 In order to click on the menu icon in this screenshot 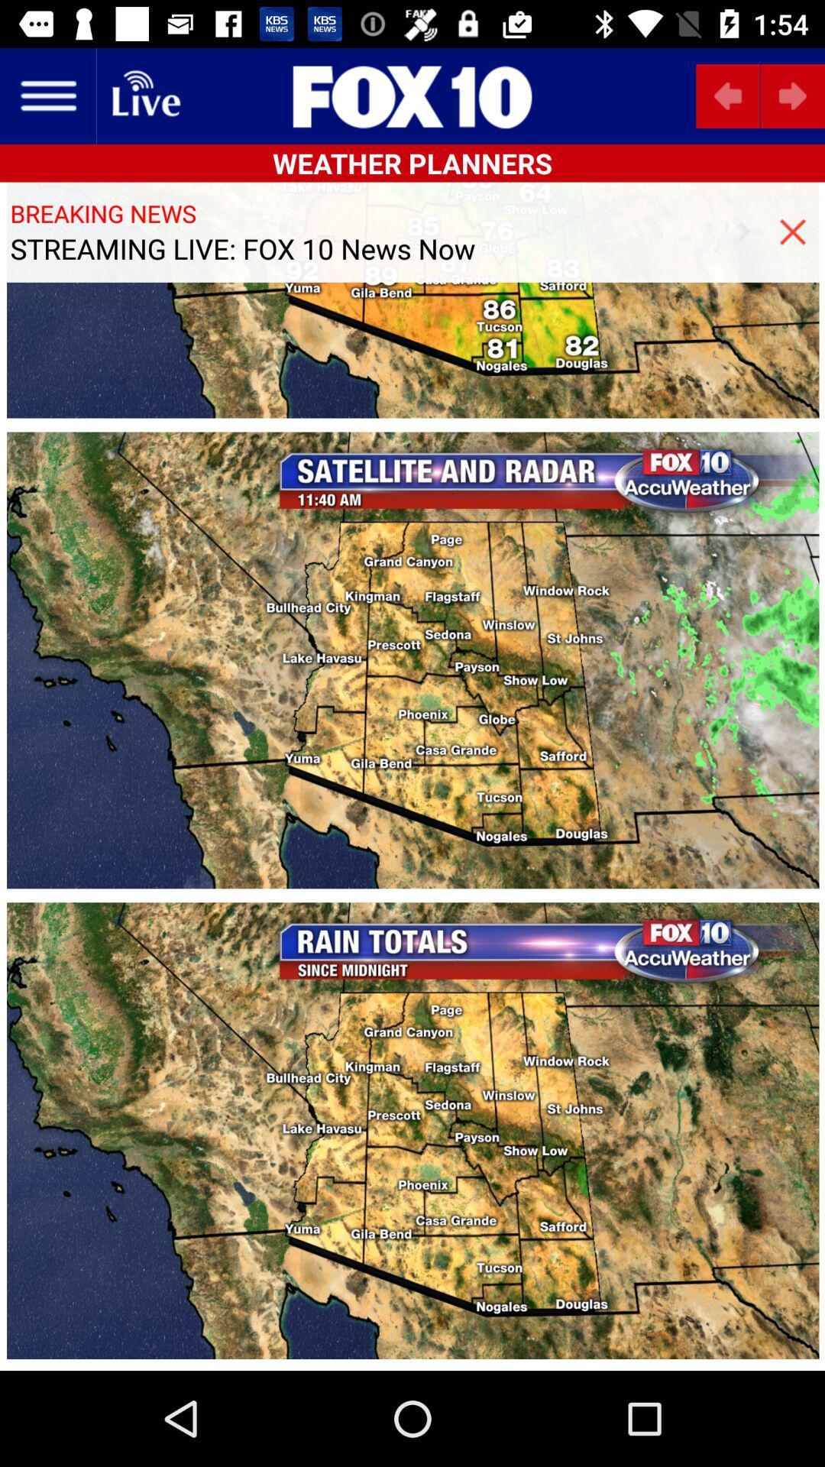, I will do `click(47, 95)`.